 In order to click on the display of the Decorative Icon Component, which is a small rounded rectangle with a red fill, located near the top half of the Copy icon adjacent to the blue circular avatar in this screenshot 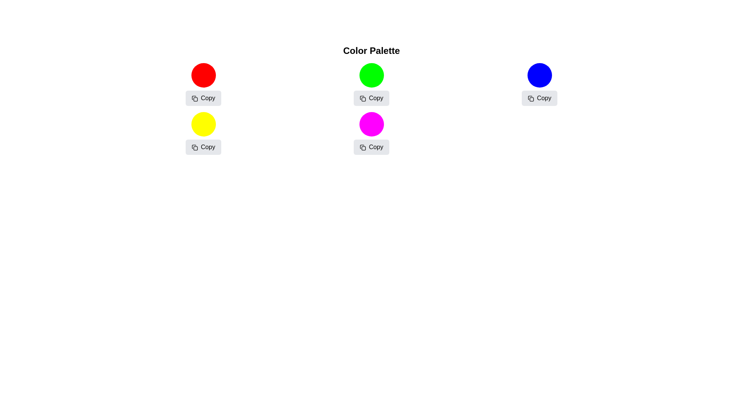, I will do `click(531, 99)`.